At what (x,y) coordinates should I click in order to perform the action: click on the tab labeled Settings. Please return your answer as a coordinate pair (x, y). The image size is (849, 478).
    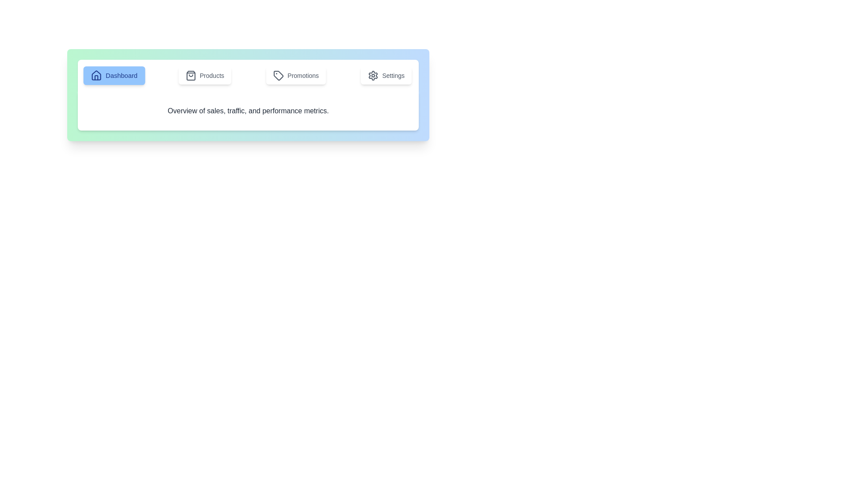
    Looking at the image, I should click on (386, 75).